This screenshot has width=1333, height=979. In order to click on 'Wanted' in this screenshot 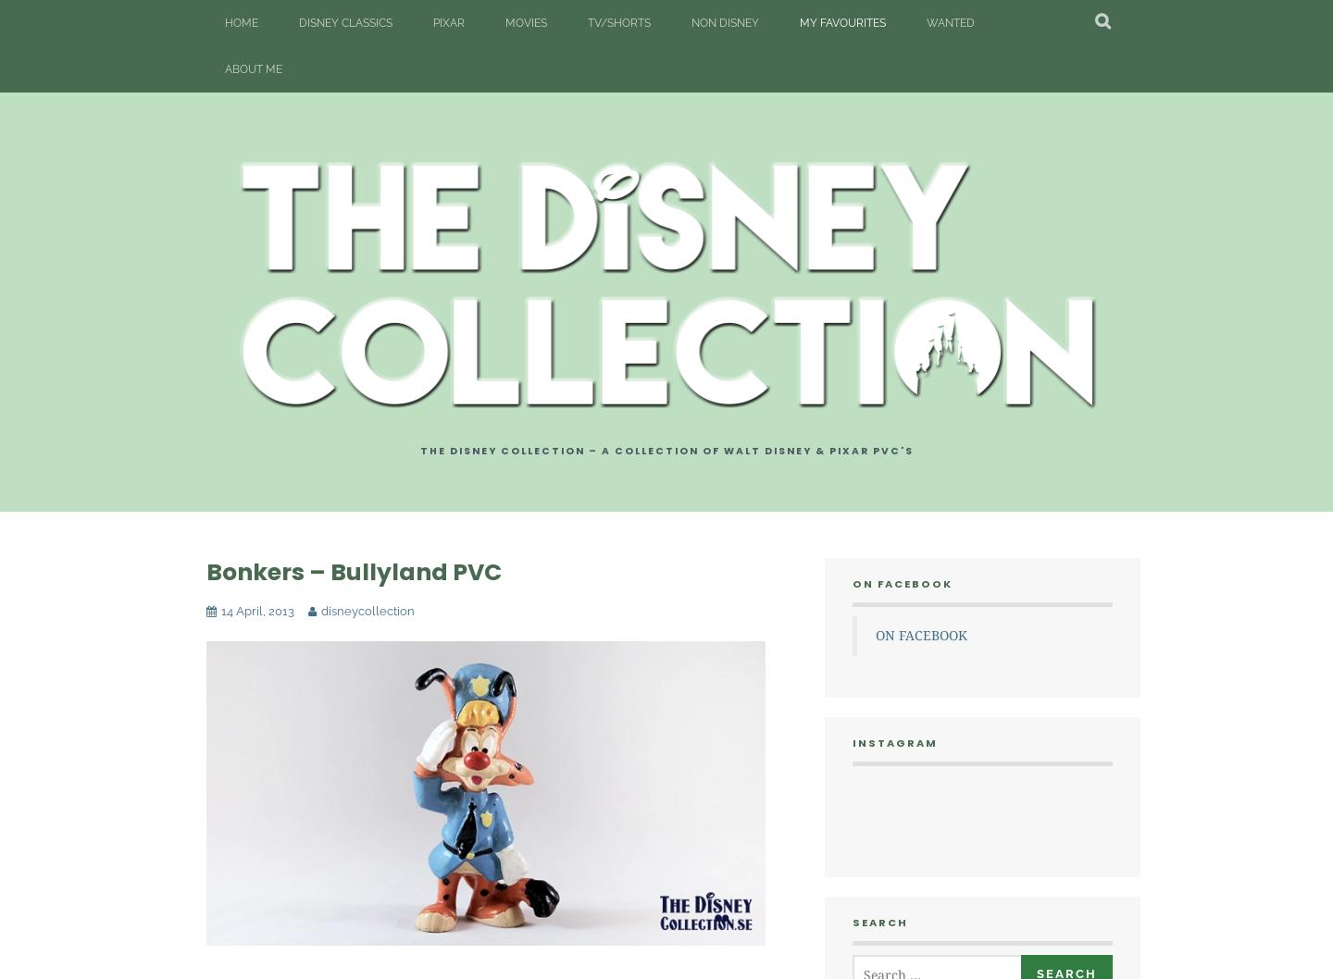, I will do `click(925, 22)`.